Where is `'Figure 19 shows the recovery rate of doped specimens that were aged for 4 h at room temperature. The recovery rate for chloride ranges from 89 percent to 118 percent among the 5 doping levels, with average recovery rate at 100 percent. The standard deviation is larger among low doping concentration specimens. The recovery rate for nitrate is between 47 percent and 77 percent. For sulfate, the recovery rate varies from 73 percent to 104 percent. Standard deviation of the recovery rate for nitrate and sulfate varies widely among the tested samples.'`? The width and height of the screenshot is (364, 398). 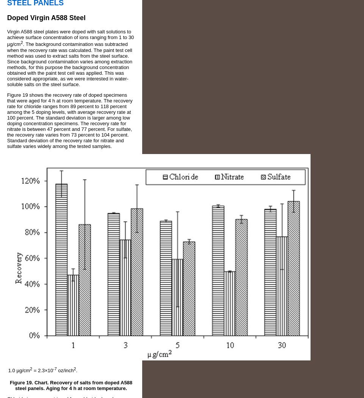 'Figure 19 shows the recovery rate of doped specimens that were aged for 4 h at room temperature. The recovery rate for chloride ranges from 89 percent to 118 percent among the 5 doping levels, with average recovery rate at 100 percent. The standard deviation is larger among low doping concentration specimens. The recovery rate for nitrate is between 47 percent and 77 percent. For sulfate, the recovery rate varies from 73 percent to 104 percent. Standard deviation of the recovery rate for nitrate and sulfate varies widely among the tested samples.' is located at coordinates (6, 120).